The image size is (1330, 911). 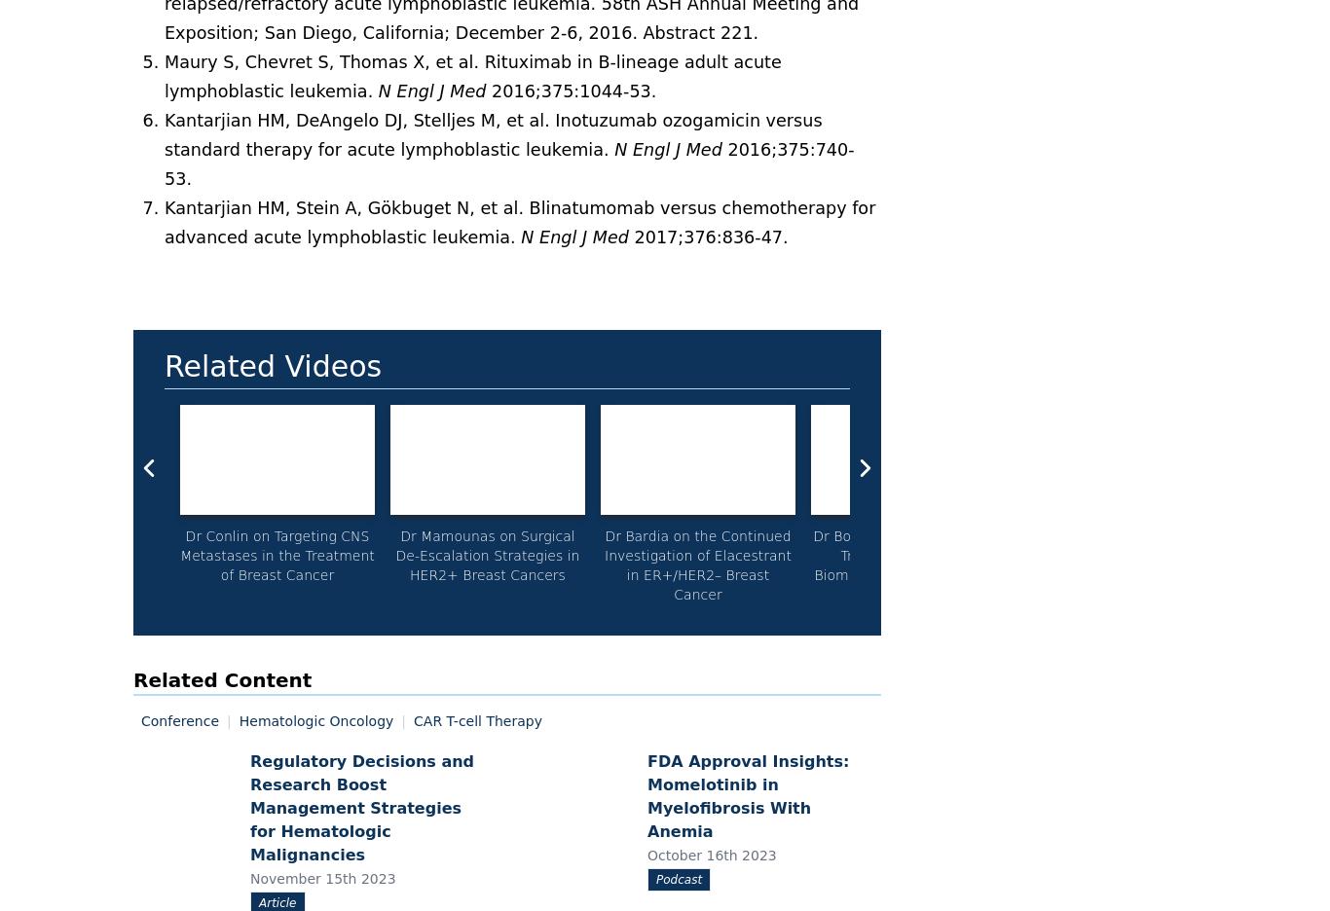 I want to click on 'Dr Conlin on Targeting CNS Metastases in the Treatment of Breast Cancer', so click(x=277, y=554).